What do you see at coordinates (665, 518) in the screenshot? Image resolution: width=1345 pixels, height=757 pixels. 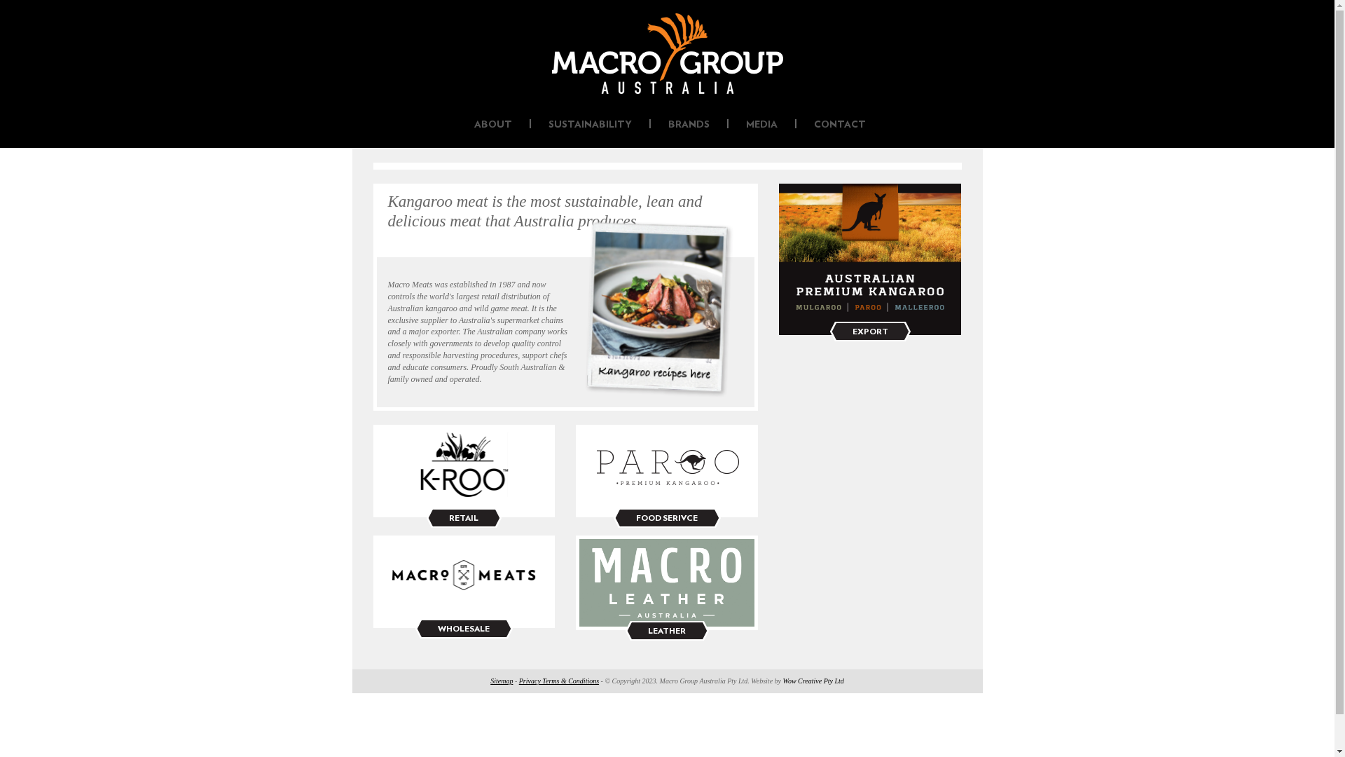 I see `'FOOD SERIVCE'` at bounding box center [665, 518].